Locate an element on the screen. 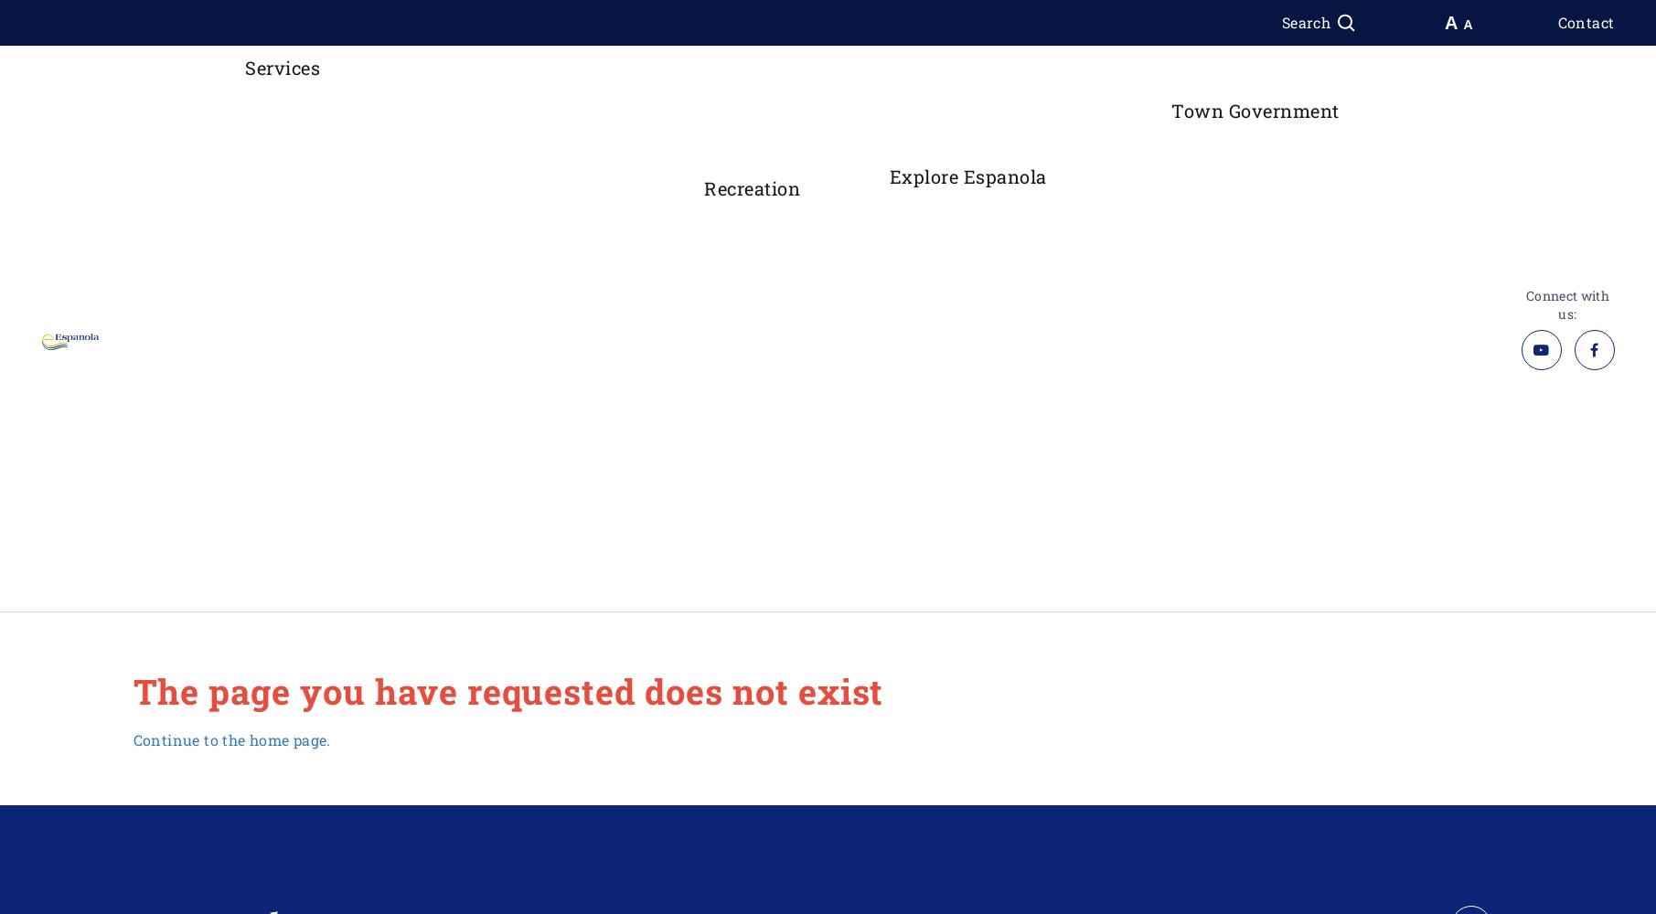  'Continue to the home page.' is located at coordinates (230, 739).